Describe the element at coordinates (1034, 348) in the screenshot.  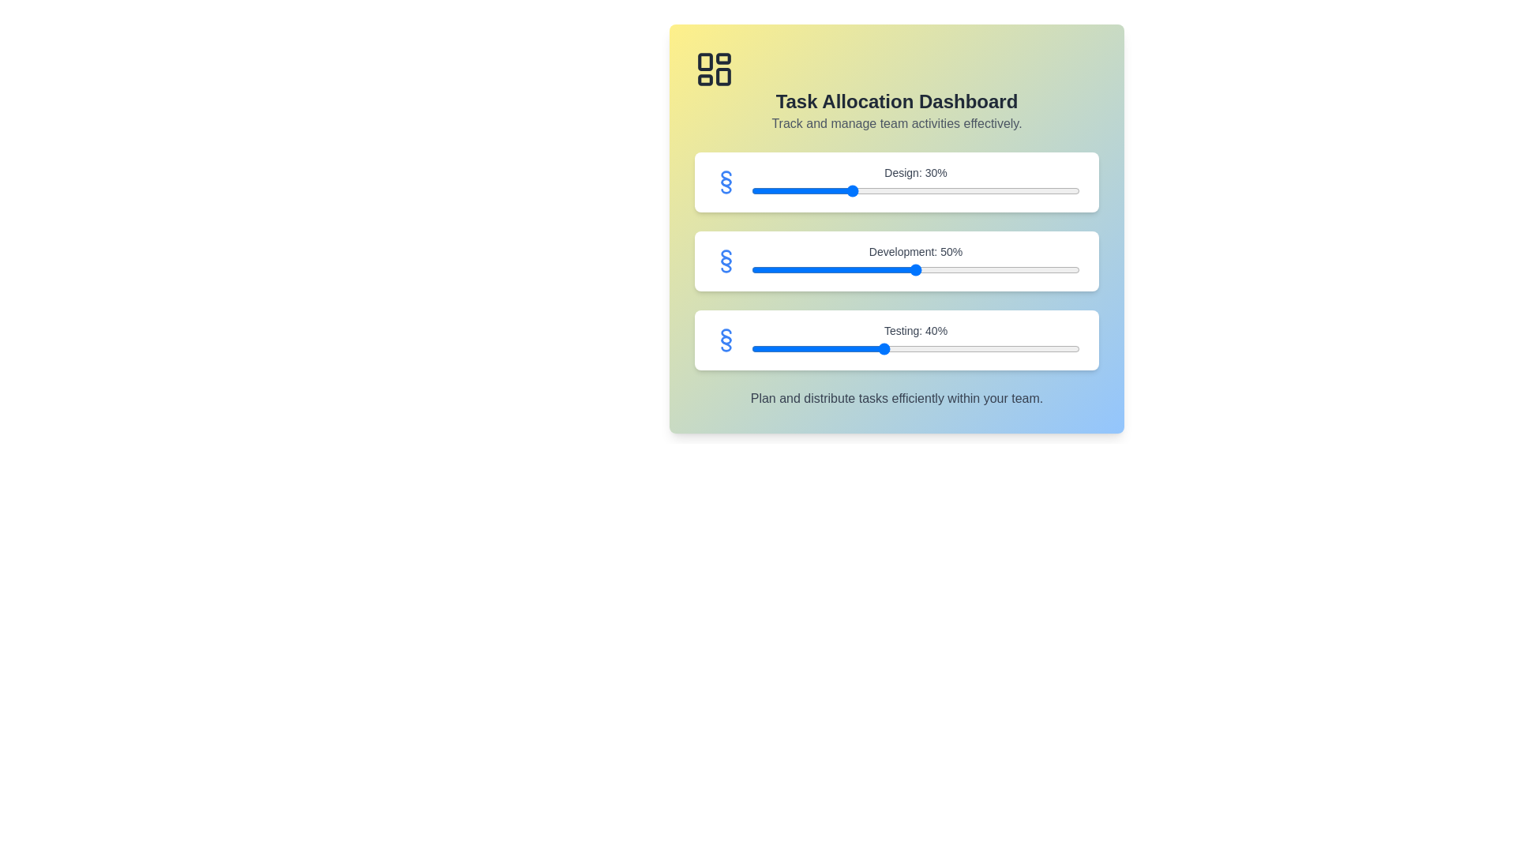
I see `the 'Testing' slider to 86%` at that location.